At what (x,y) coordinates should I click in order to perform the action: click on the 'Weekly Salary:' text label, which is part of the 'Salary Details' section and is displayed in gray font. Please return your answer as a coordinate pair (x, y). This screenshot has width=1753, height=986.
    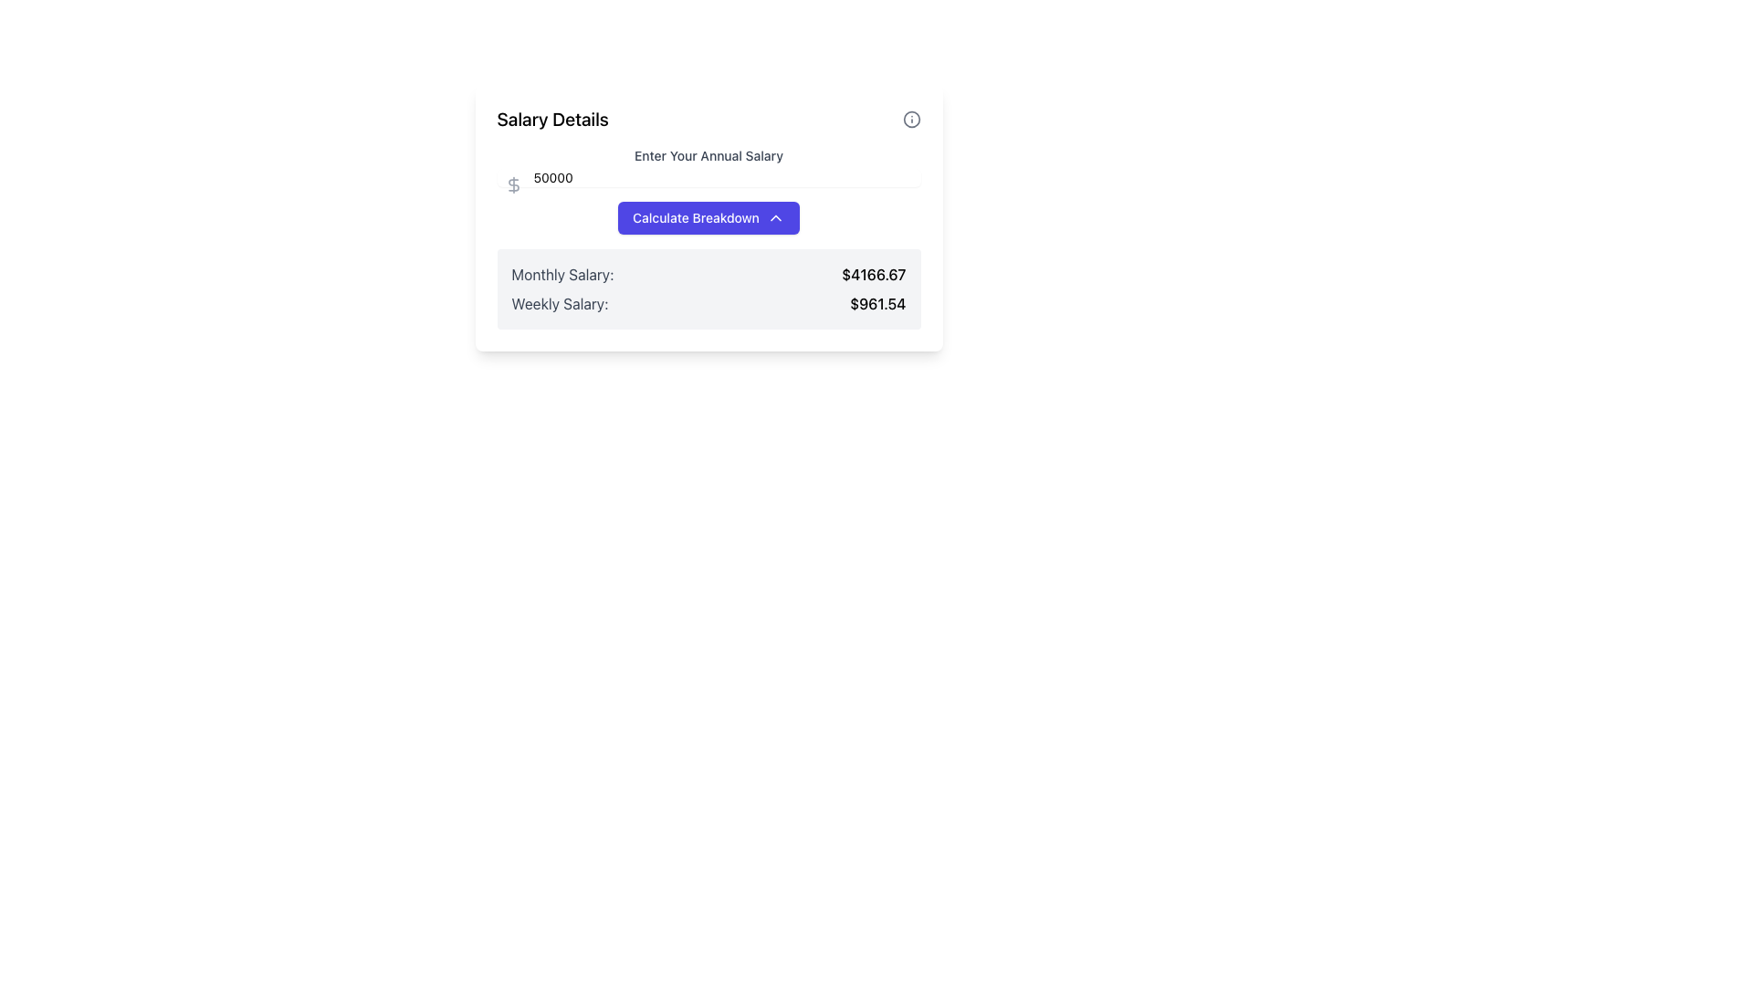
    Looking at the image, I should click on (559, 302).